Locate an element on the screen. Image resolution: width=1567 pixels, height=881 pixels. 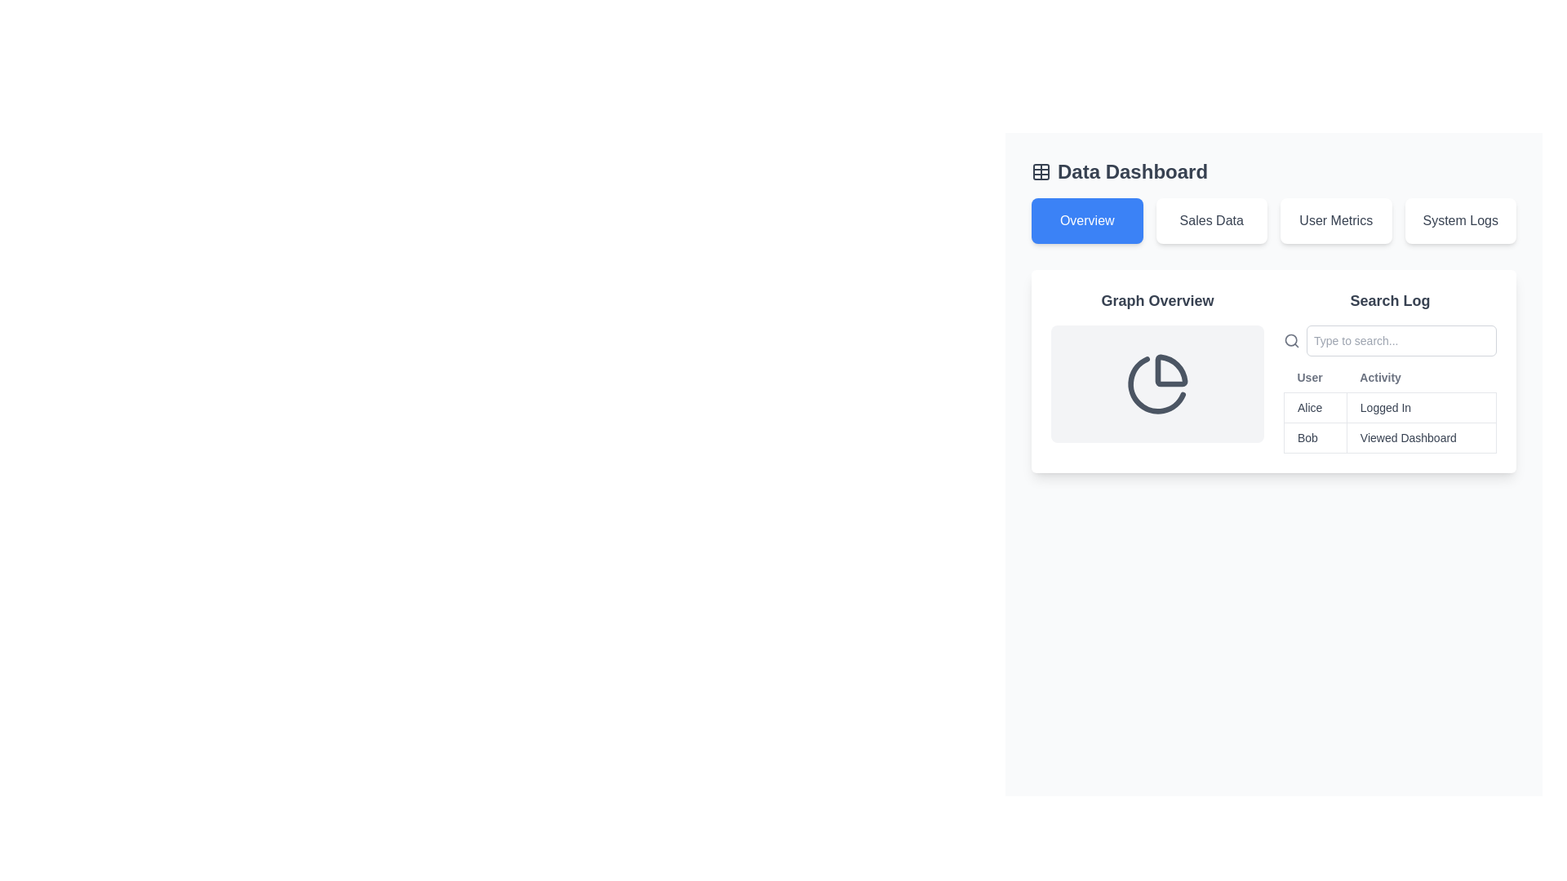
the 'User Metrics' button to observe visual feedback, which is the third button in a grid layout with rounded corners and a shadow effect is located at coordinates (1336, 220).